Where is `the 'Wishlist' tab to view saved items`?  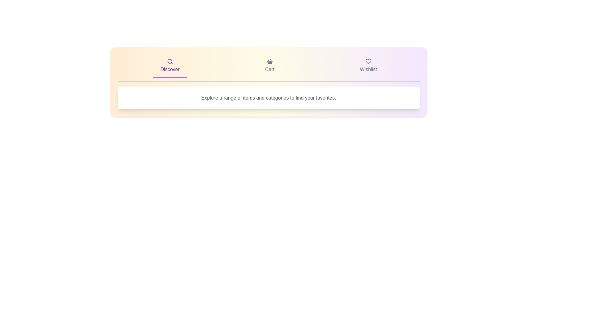 the 'Wishlist' tab to view saved items is located at coordinates (368, 66).